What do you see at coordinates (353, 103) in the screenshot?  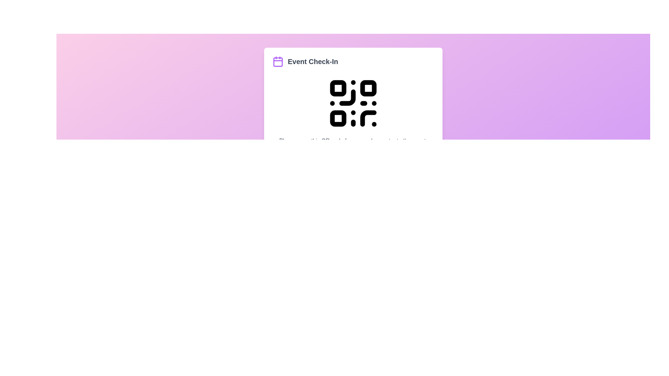 I see `QR code icon located below the 'Event Check-In' text, which serves for scanning purposes` at bounding box center [353, 103].